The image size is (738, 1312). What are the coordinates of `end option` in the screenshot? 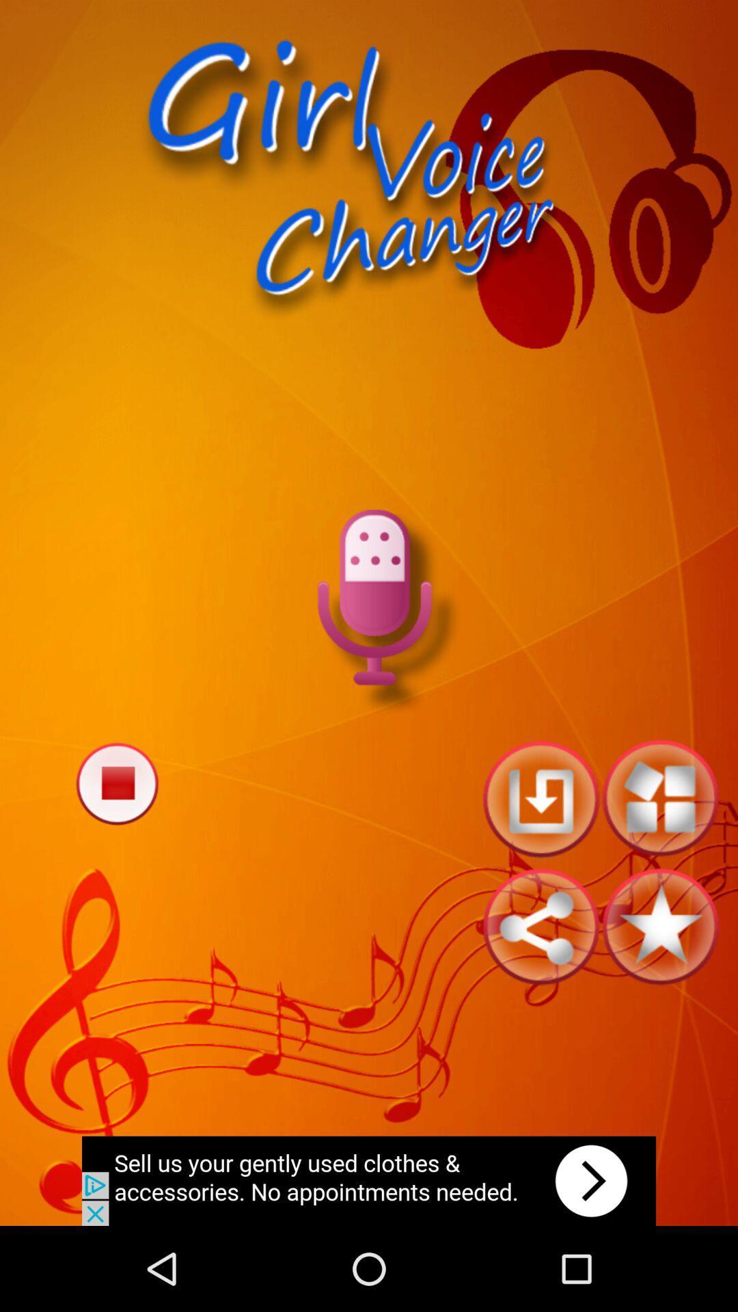 It's located at (116, 783).